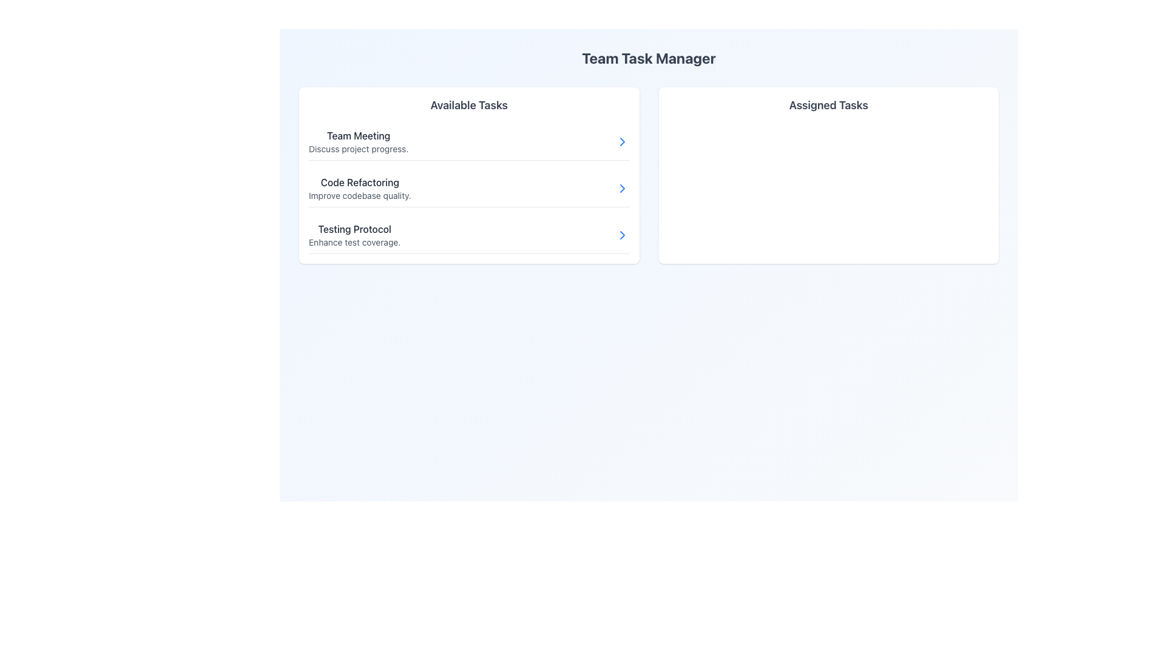  I want to click on the 'Team Meeting' list entry, so click(468, 141).